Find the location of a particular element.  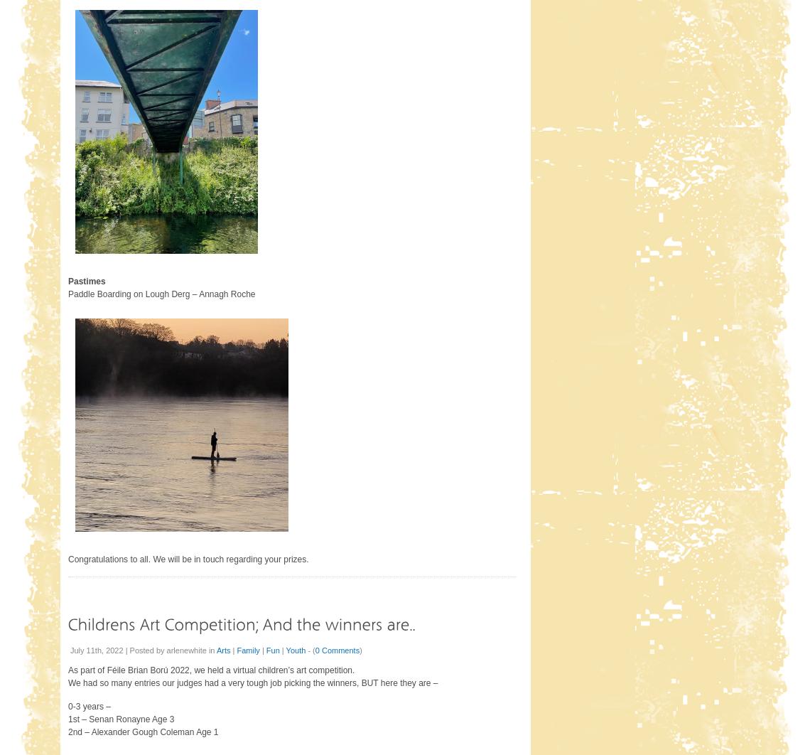

'1st – Senan Ronayne Age 3' is located at coordinates (67, 718).